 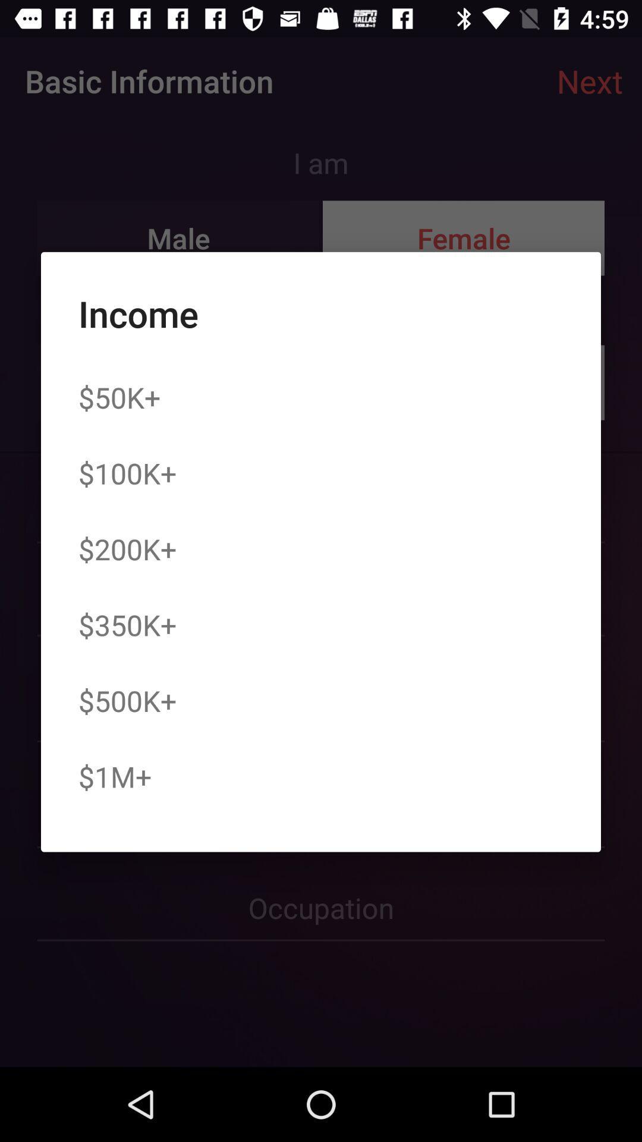 I want to click on $100k+ icon, so click(x=127, y=472).